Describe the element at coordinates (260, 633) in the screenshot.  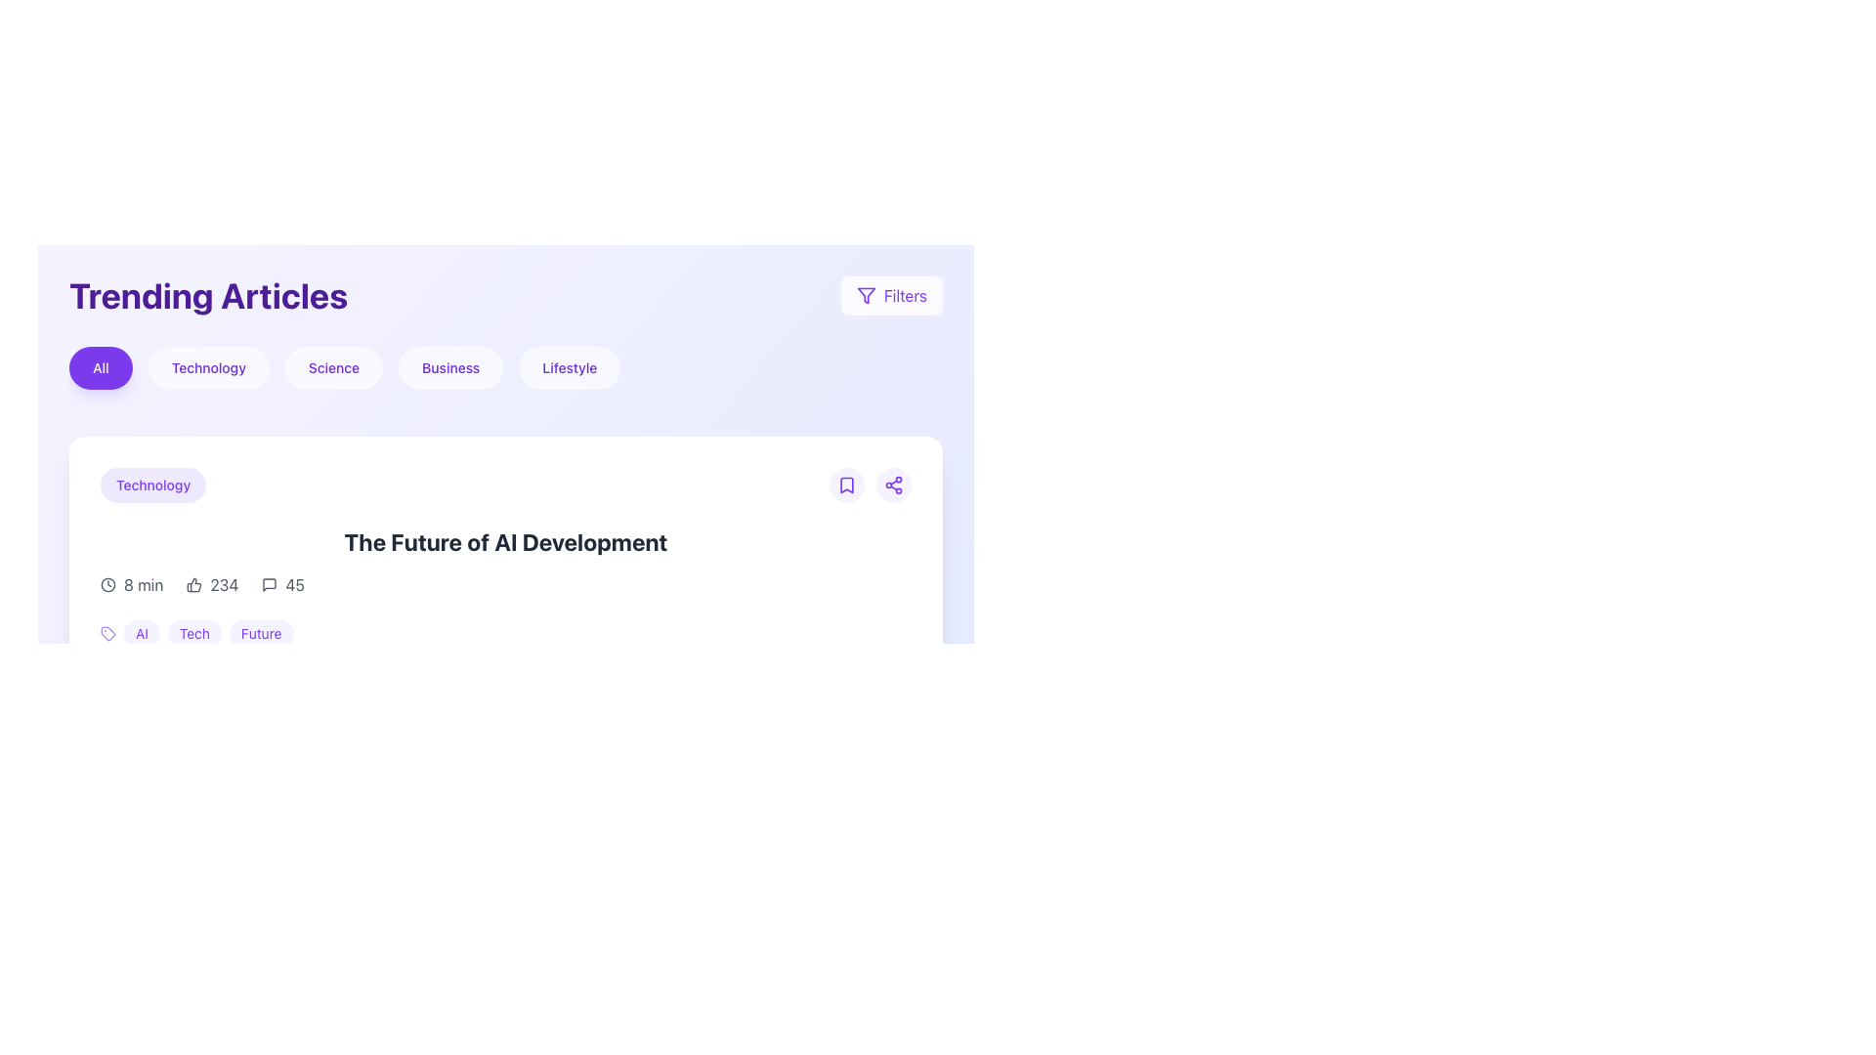
I see `the text content of the tag or category label located to the right of the 'AI' and 'Tech' tags, which is the third member in the sequence below the article title` at that location.